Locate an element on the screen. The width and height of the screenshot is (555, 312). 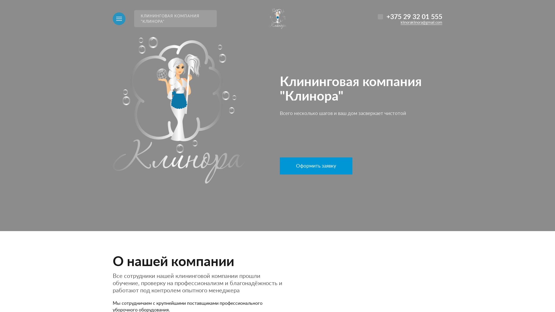
'+375 29 32 01 555' is located at coordinates (414, 16).